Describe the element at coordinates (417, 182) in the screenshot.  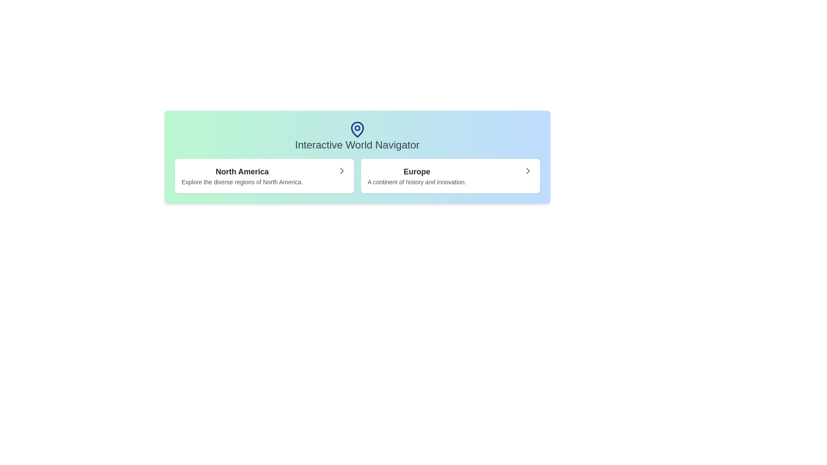
I see `the text element that reads 'A continent of history and innovation.' styled with a small font and gray color, located beneath the title 'Europe' in the interactive world navigator interface` at that location.